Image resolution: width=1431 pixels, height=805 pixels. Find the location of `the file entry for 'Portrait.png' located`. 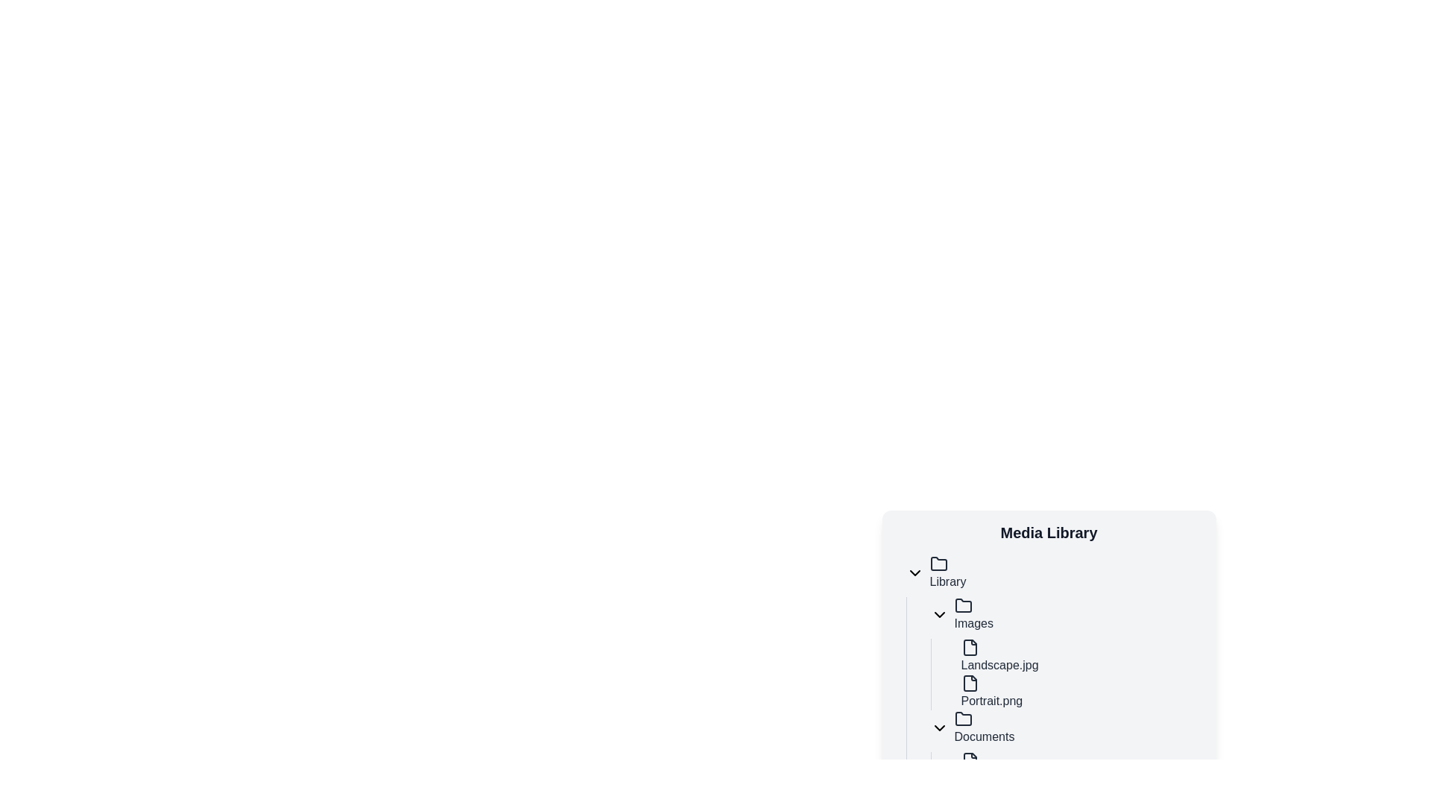

the file entry for 'Portrait.png' located is located at coordinates (1073, 692).